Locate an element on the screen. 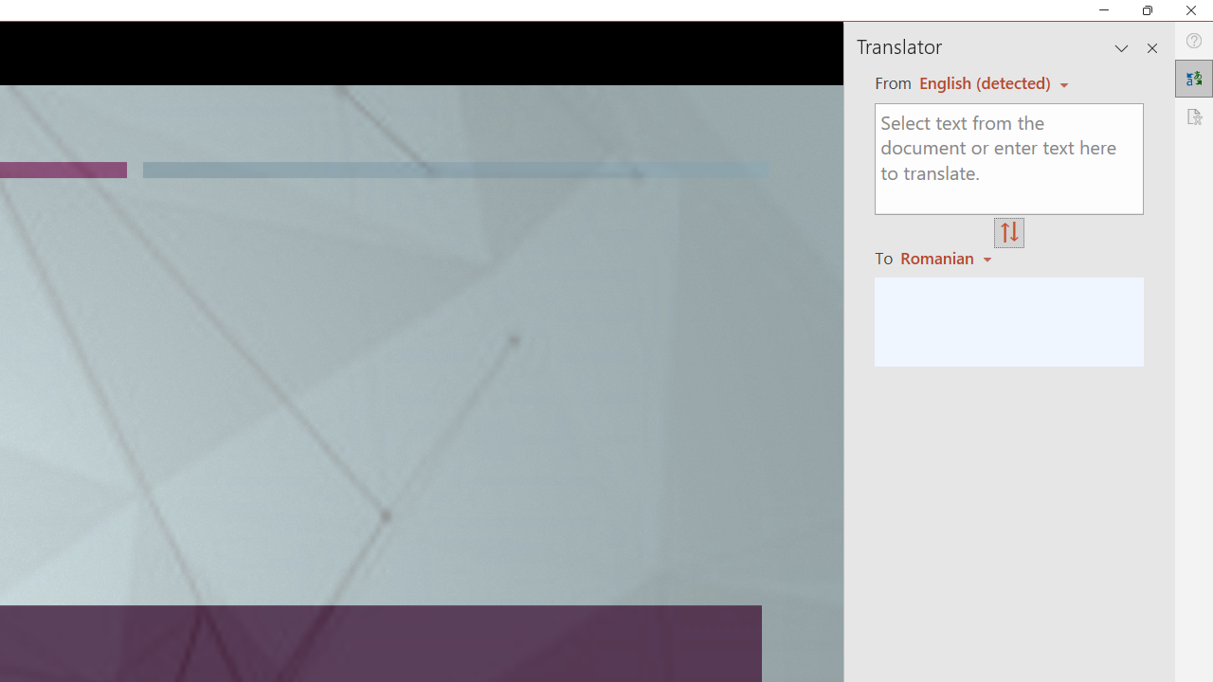 The height and width of the screenshot is (682, 1213). 'Romanian' is located at coordinates (949, 258).